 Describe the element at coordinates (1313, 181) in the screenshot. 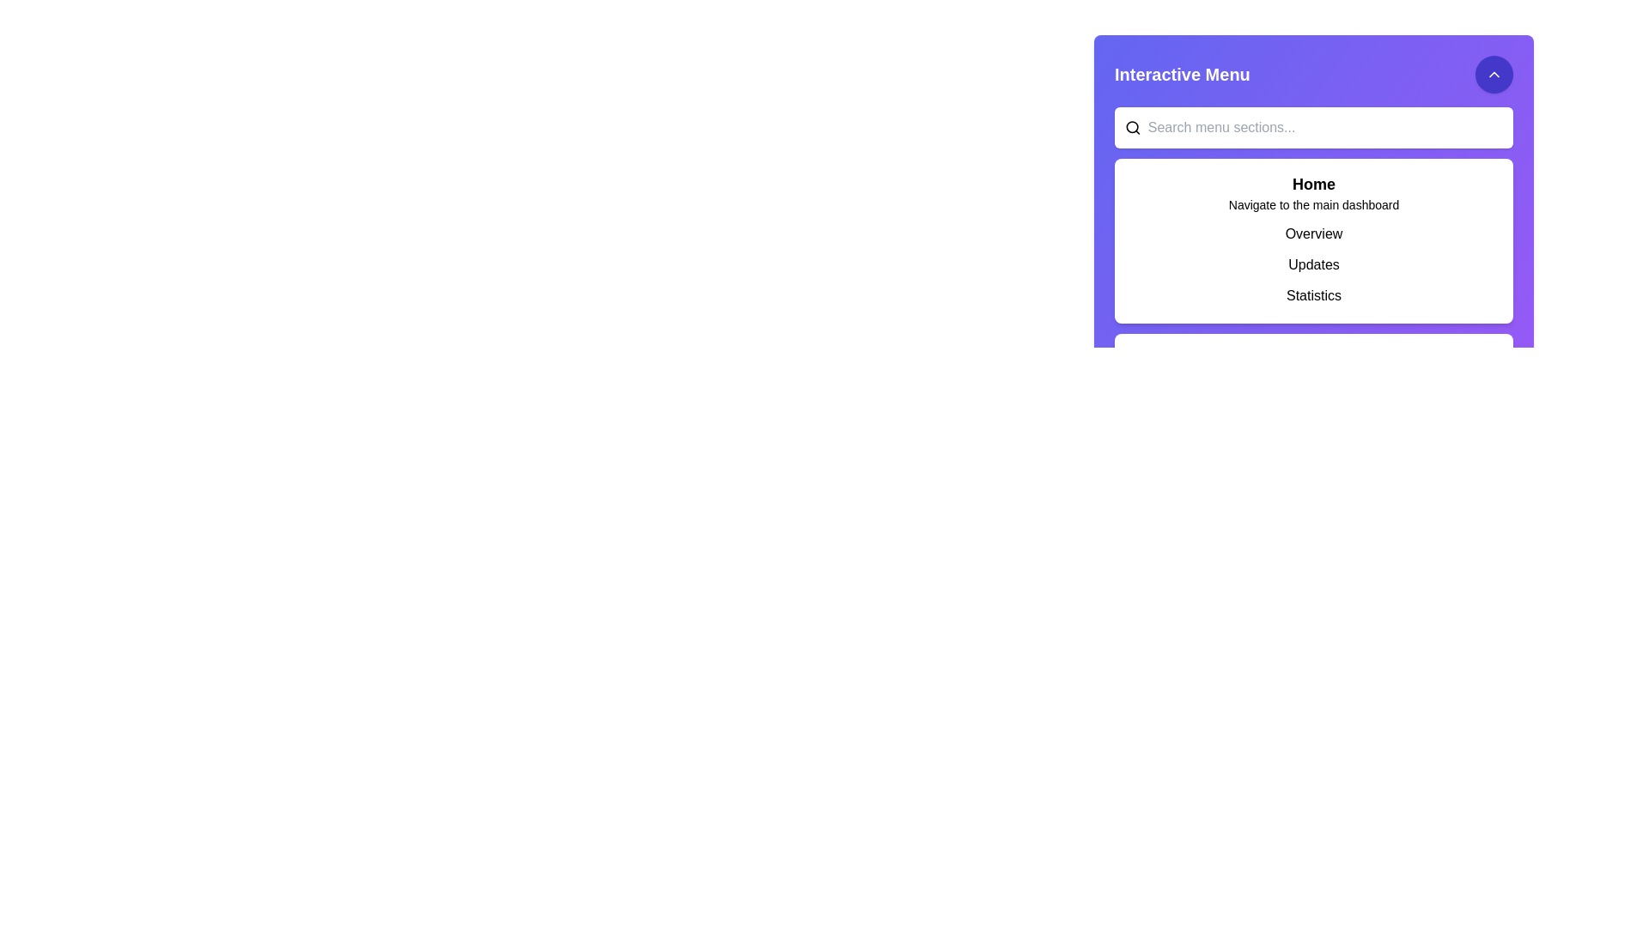

I see `the 'Home' clickable card in the vertical menu on the right` at that location.